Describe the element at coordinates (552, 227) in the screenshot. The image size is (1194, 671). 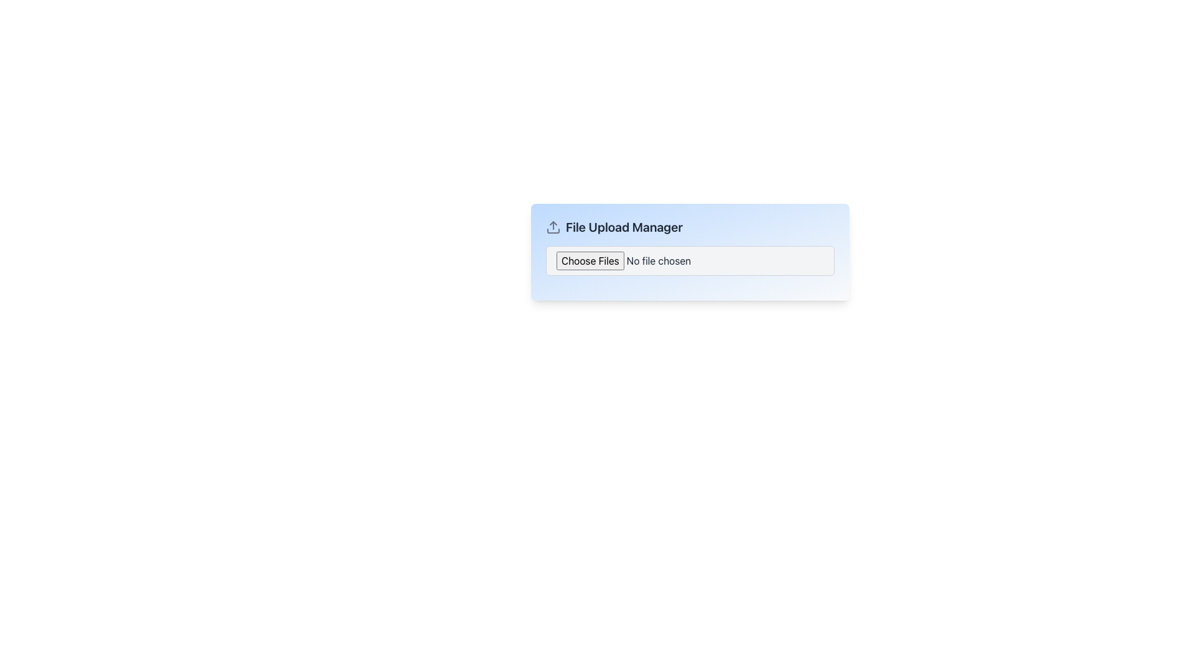
I see `the upward-pointing arrow icon that is gray and located to the left of the 'File Upload Manager' text` at that location.